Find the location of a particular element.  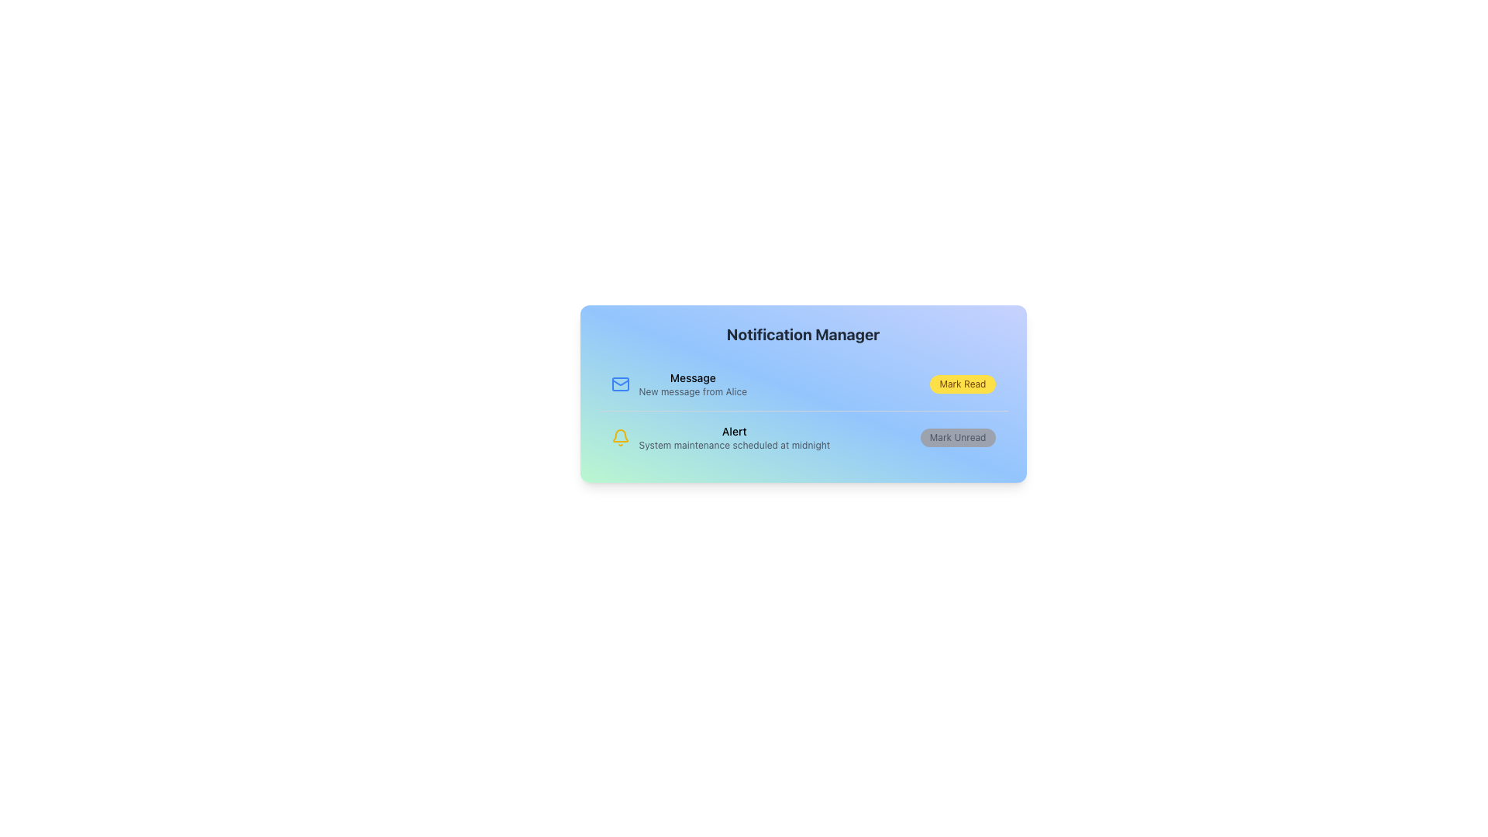

the text label displaying 'Alert' in bold styling, located in the 'Notification Manager' section, above the descriptor 'System maintenance scheduled at midnight.' is located at coordinates (733, 431).